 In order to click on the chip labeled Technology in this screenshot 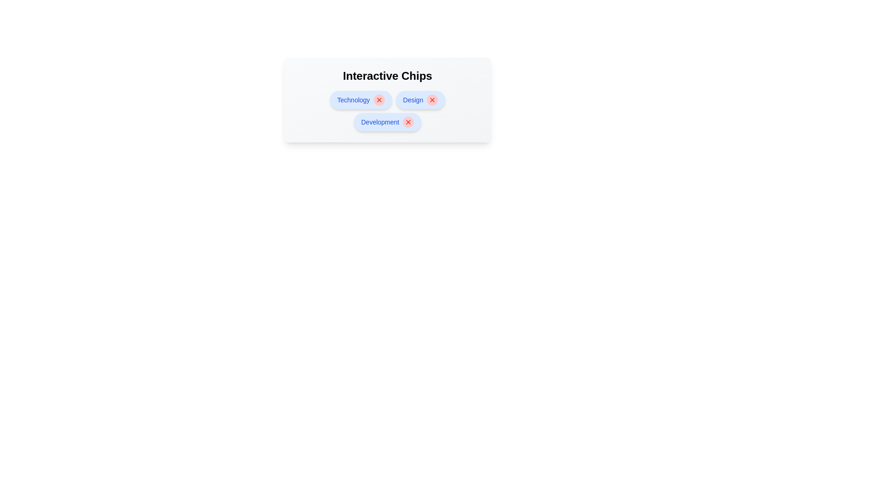, I will do `click(353, 100)`.